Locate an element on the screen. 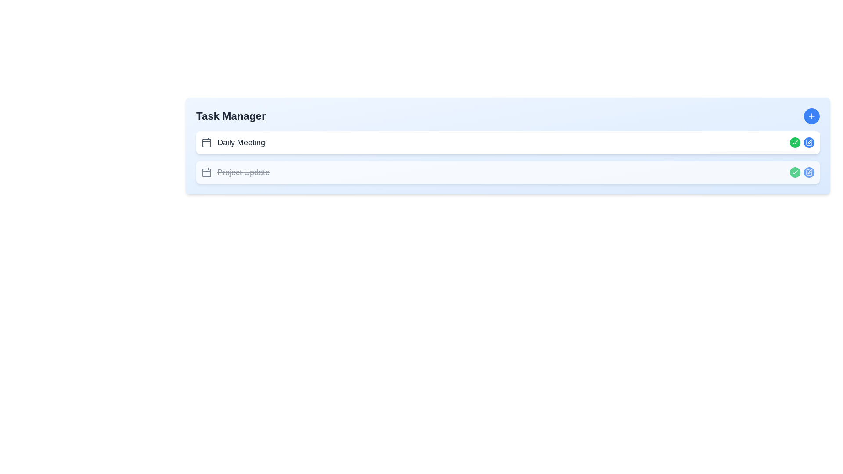 The image size is (843, 474). the labeled item with a calendar icon and text 'Project Update' is located at coordinates (235, 172).